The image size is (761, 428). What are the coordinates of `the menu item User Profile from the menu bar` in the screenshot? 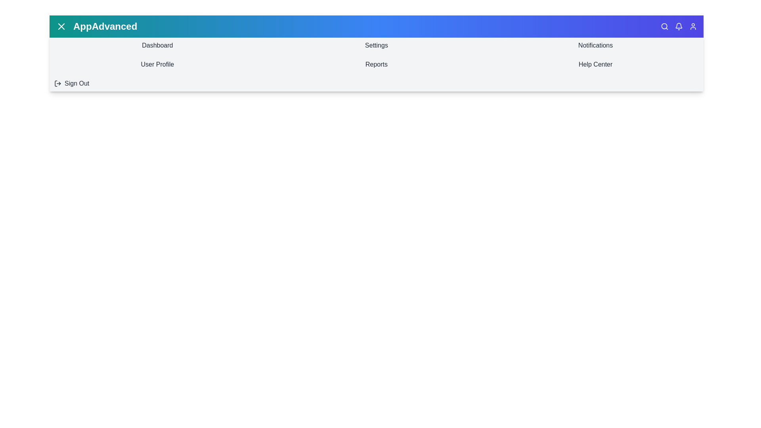 It's located at (157, 64).